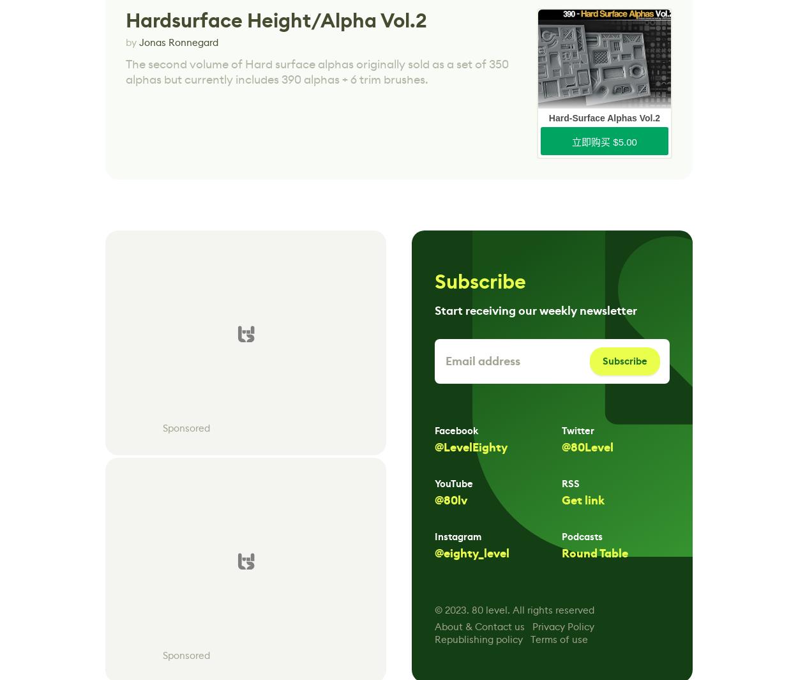 The width and height of the screenshot is (798, 680). What do you see at coordinates (587, 447) in the screenshot?
I see `'@80Level'` at bounding box center [587, 447].